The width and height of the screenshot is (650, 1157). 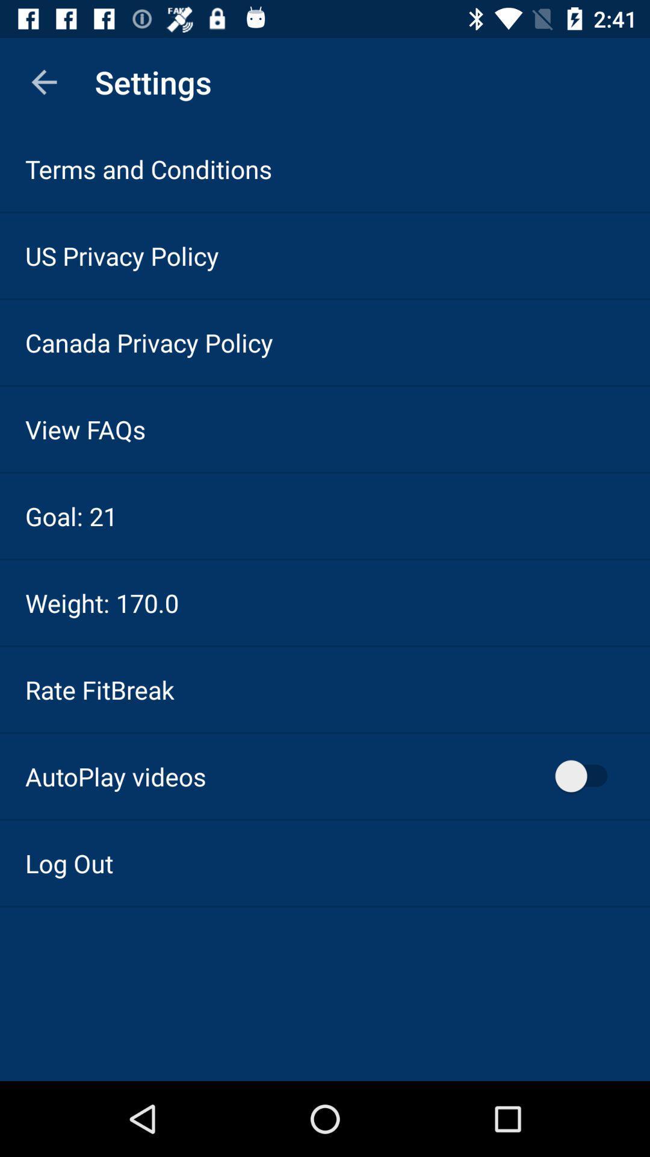 I want to click on icon below rate fitbreak item, so click(x=116, y=776).